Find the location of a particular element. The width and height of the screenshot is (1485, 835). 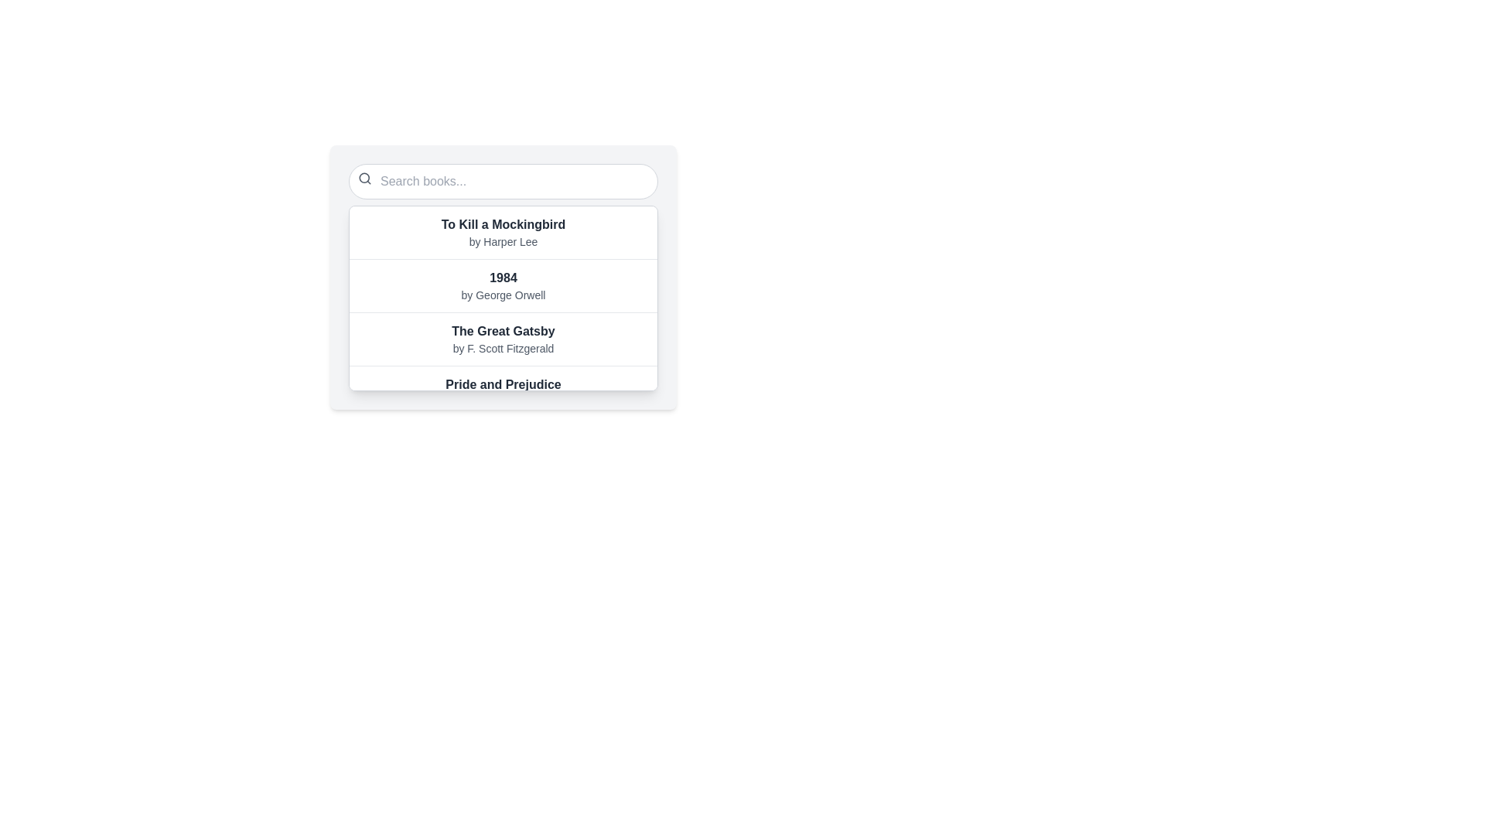

the text label displaying 'Pride and Prejudice', which is the primary label of the fourth list item in the book selection interface is located at coordinates (504, 383).